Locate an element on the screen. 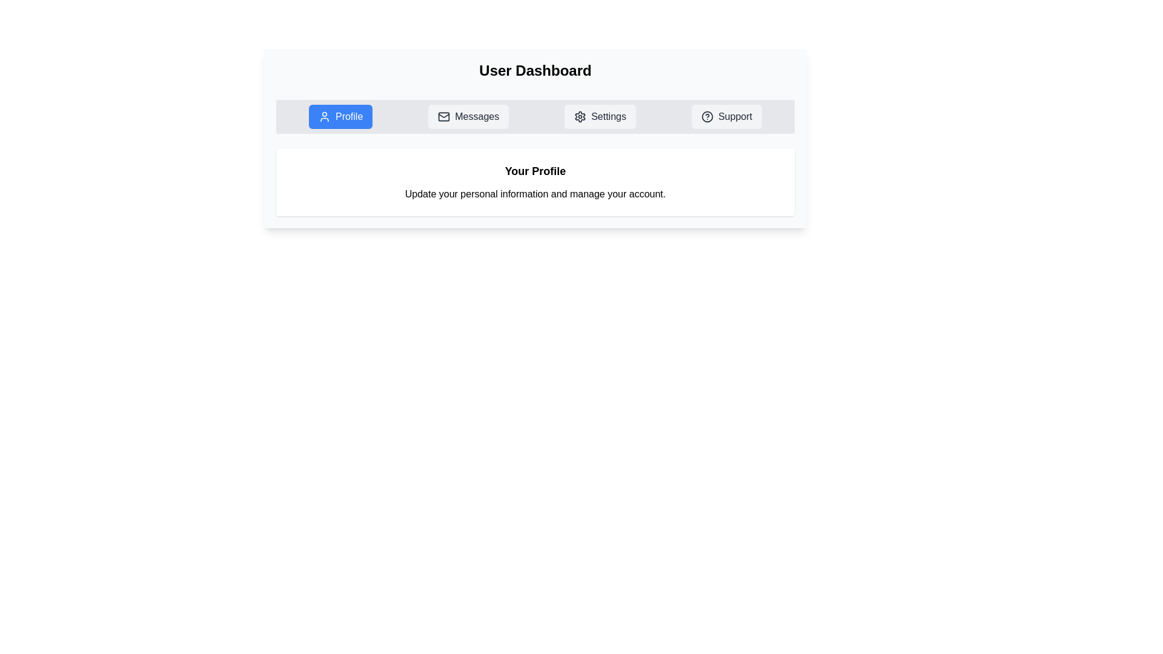  the 'Messages' button, which is a rectangular button with rounded corners and a light gray background, located in the top center of the interface is located at coordinates (468, 116).